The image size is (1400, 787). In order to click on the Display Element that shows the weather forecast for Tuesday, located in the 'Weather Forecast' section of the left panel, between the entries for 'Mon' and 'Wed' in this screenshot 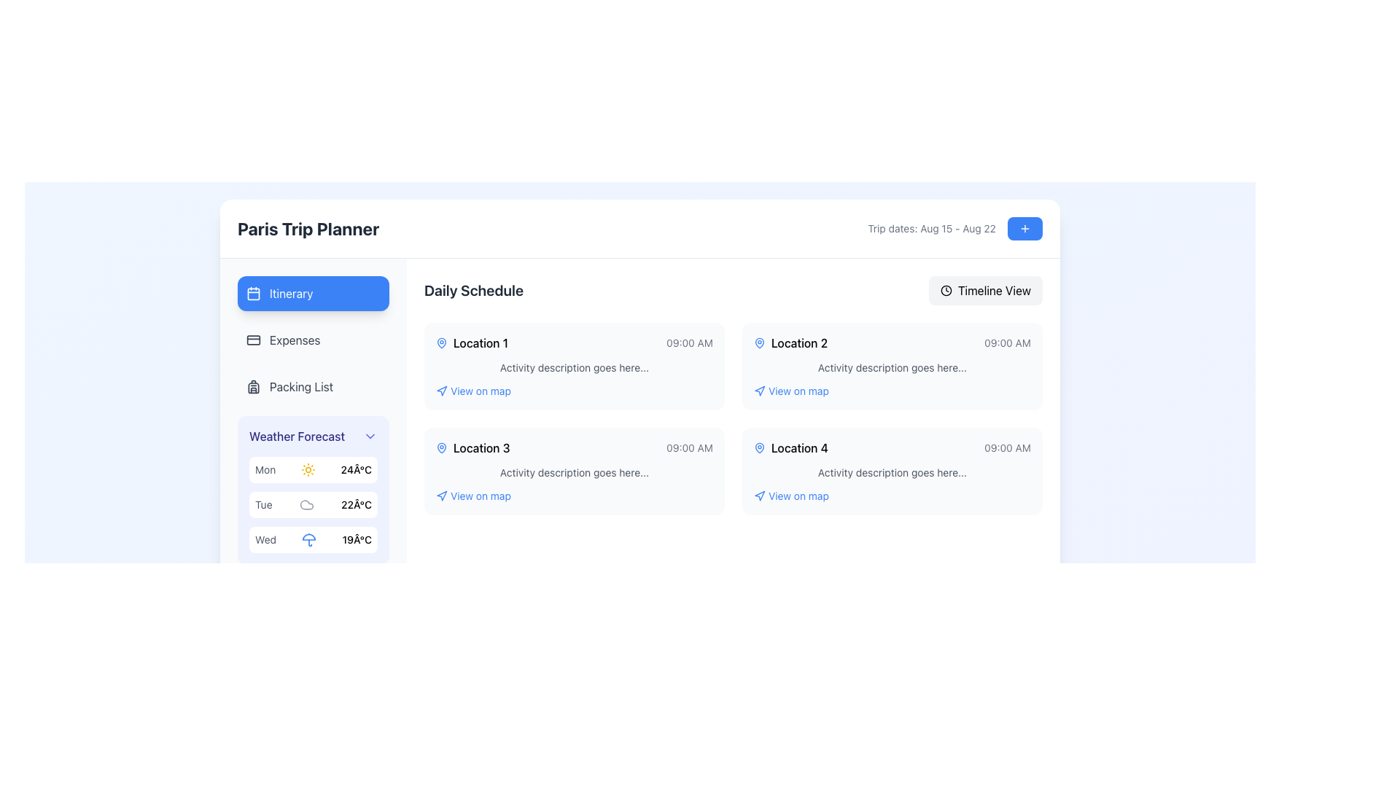, I will do `click(313, 504)`.